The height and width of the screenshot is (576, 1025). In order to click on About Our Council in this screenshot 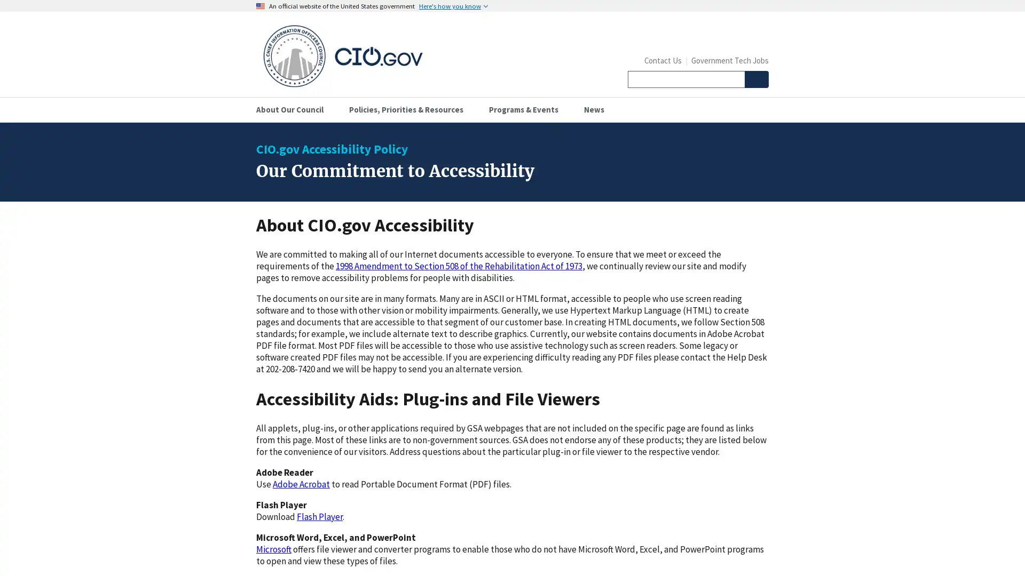, I will do `click(294, 109)`.